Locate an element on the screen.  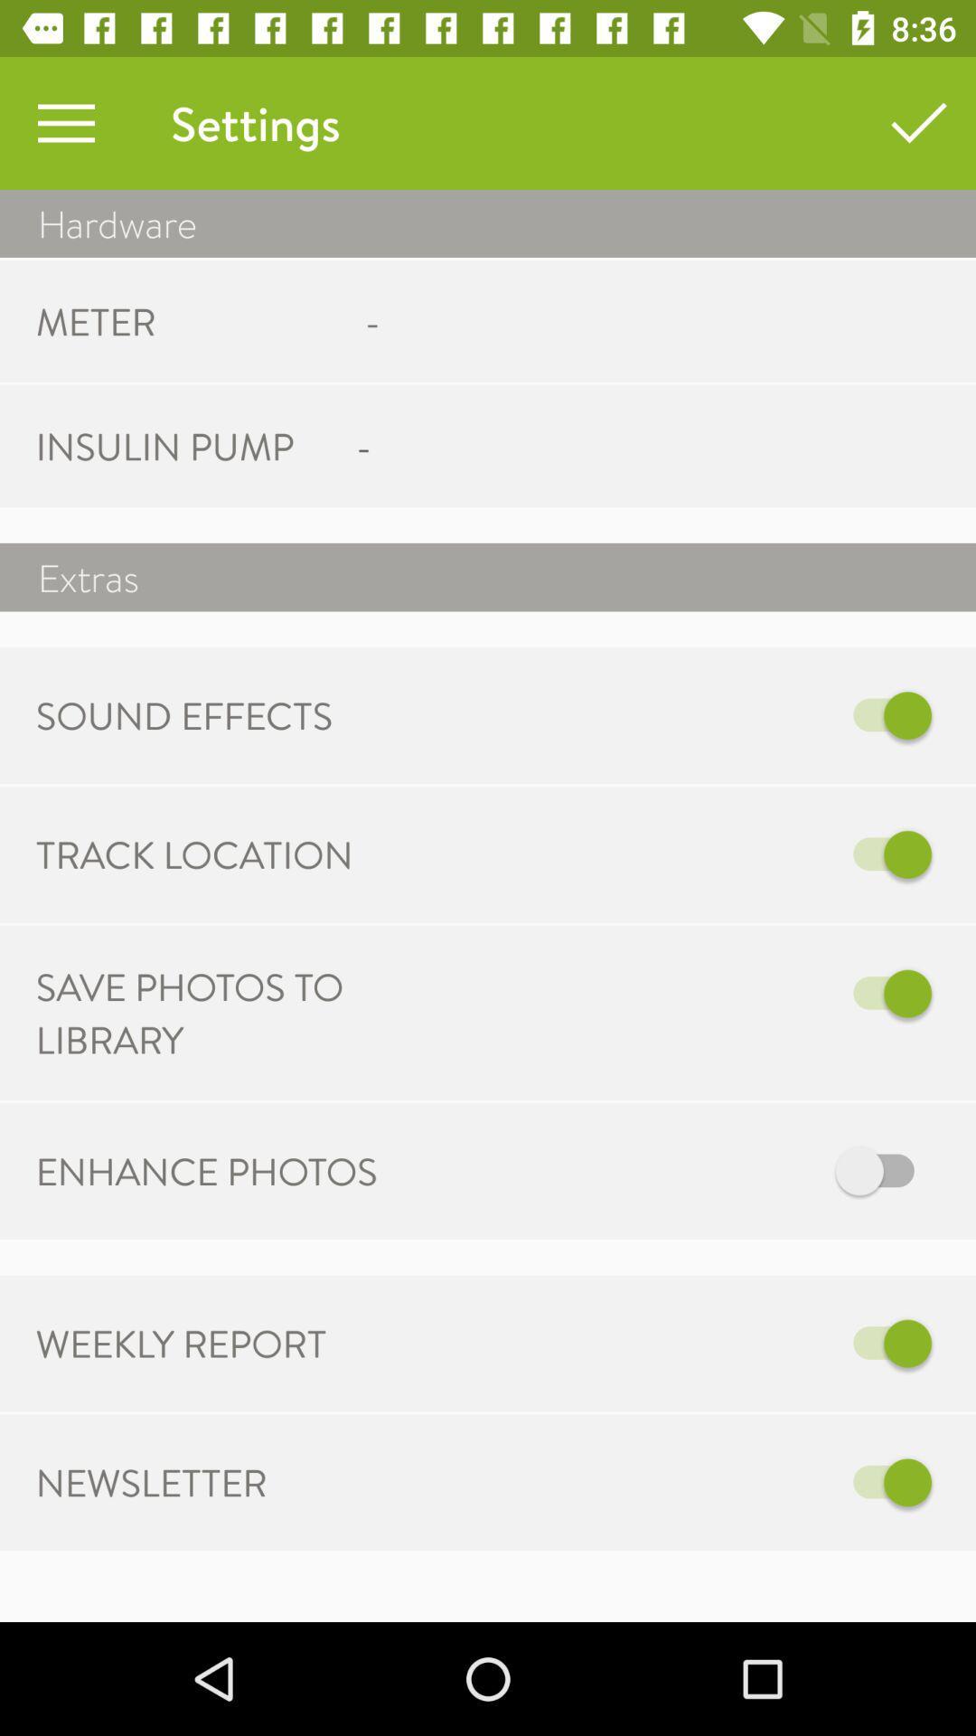
switch photo library option is located at coordinates (675, 993).